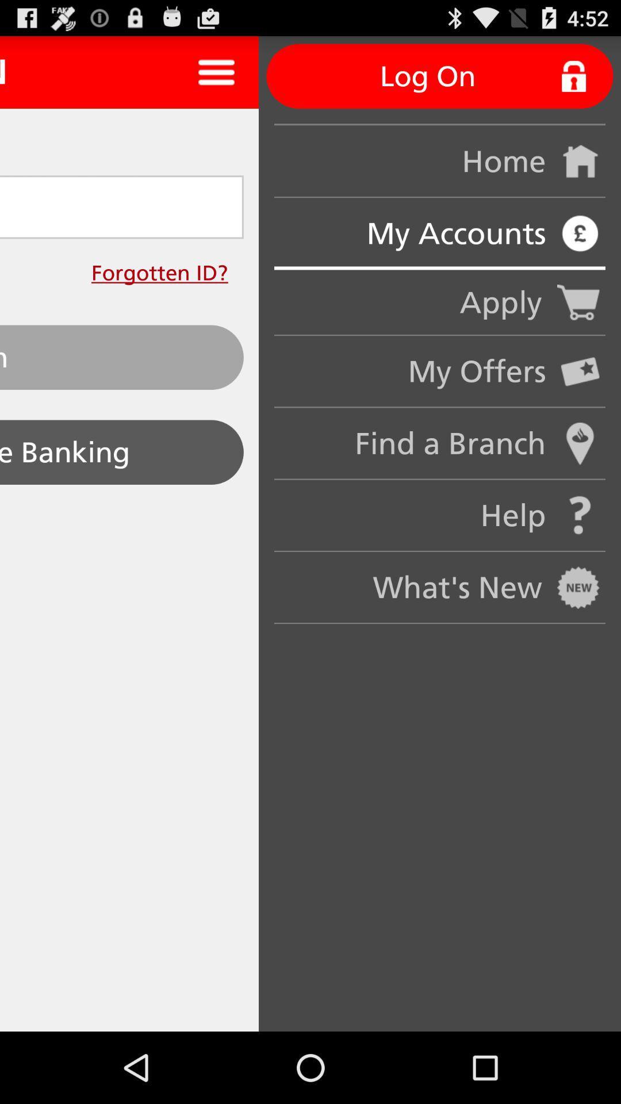 The height and width of the screenshot is (1104, 621). Describe the element at coordinates (440, 76) in the screenshot. I see `the log on button on the web page` at that location.